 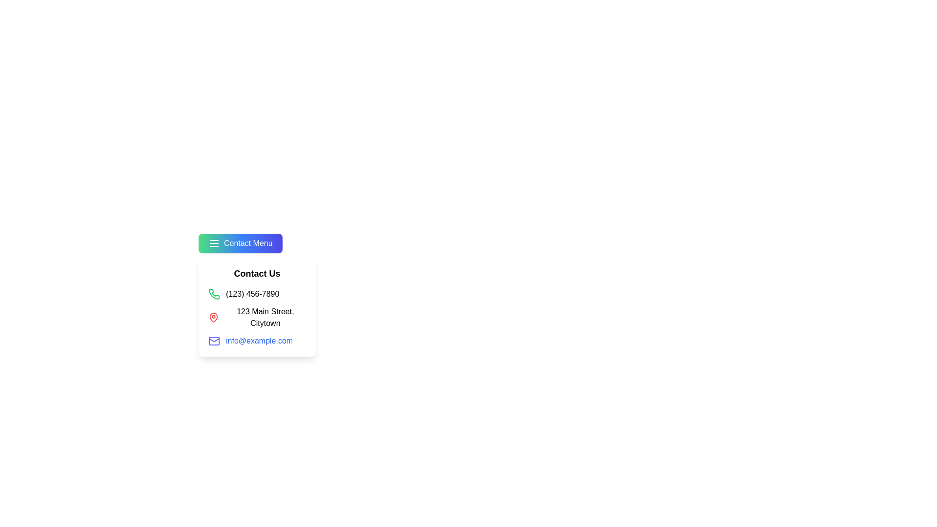 I want to click on the email link to open the mail client, so click(x=259, y=340).